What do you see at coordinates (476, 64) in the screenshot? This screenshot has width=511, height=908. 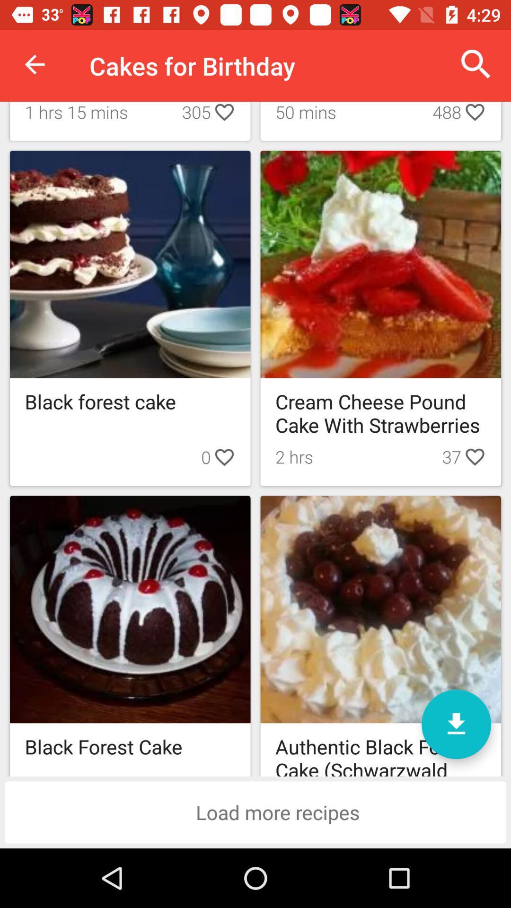 I see `the search icon which is at the top right corner of the page` at bounding box center [476, 64].